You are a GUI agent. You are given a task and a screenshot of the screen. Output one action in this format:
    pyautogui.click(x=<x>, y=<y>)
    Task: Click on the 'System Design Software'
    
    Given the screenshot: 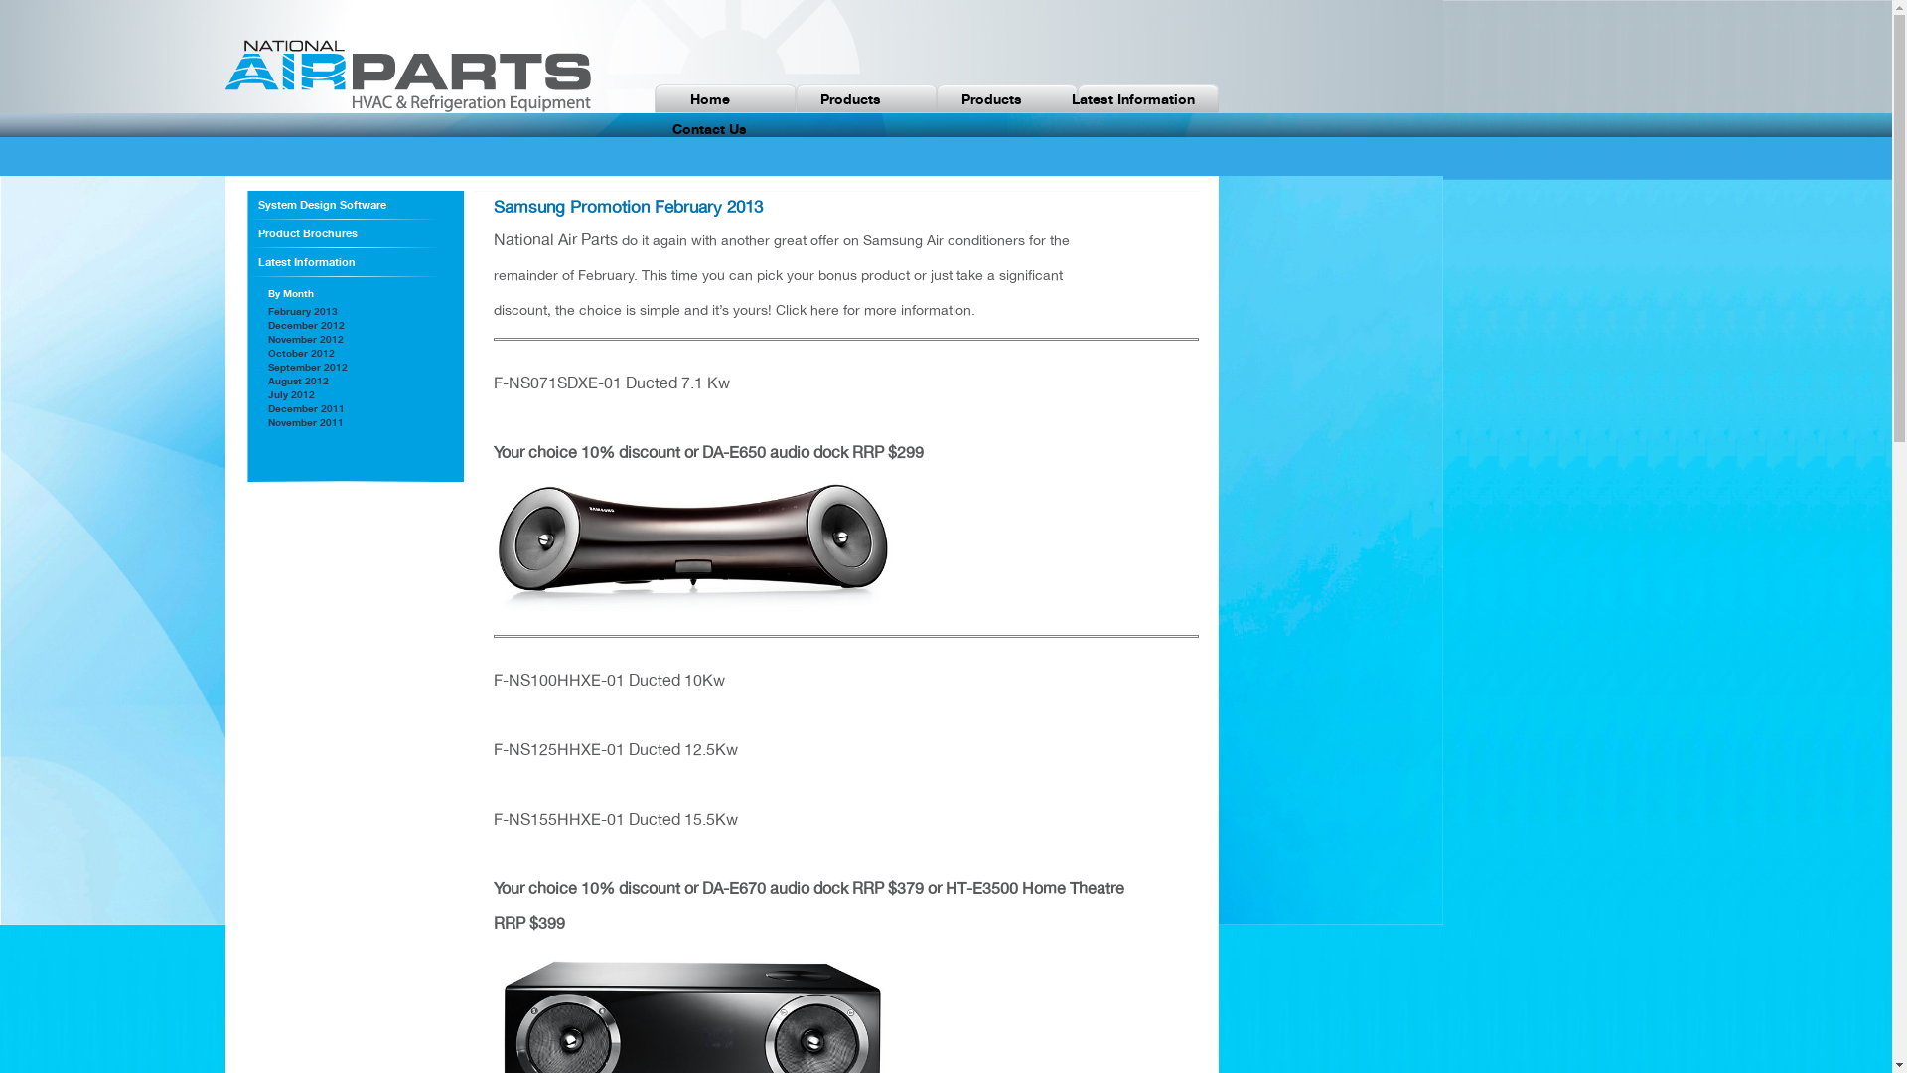 What is the action you would take?
    pyautogui.click(x=256, y=204)
    